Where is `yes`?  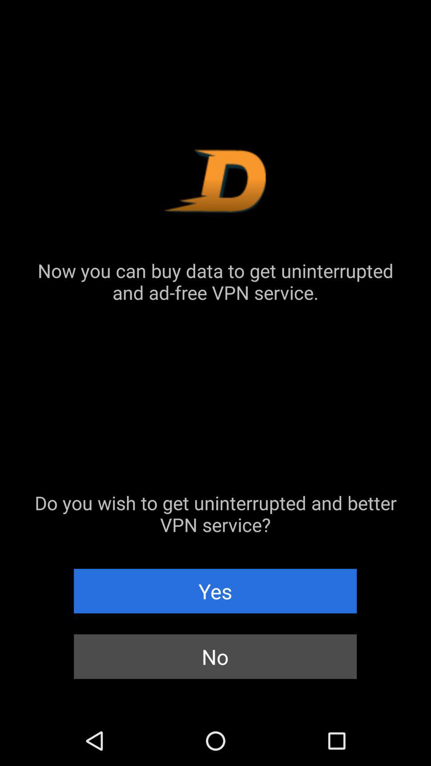
yes is located at coordinates (215, 591).